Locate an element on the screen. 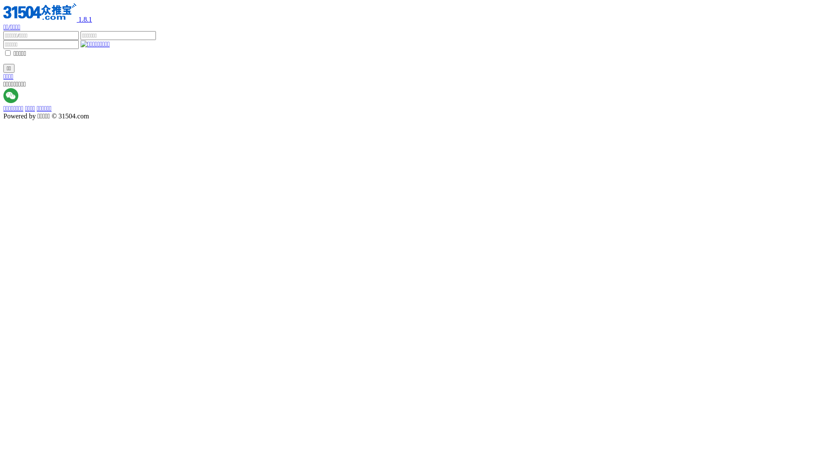 Image resolution: width=818 pixels, height=460 pixels. '1.8.1' is located at coordinates (47, 19).